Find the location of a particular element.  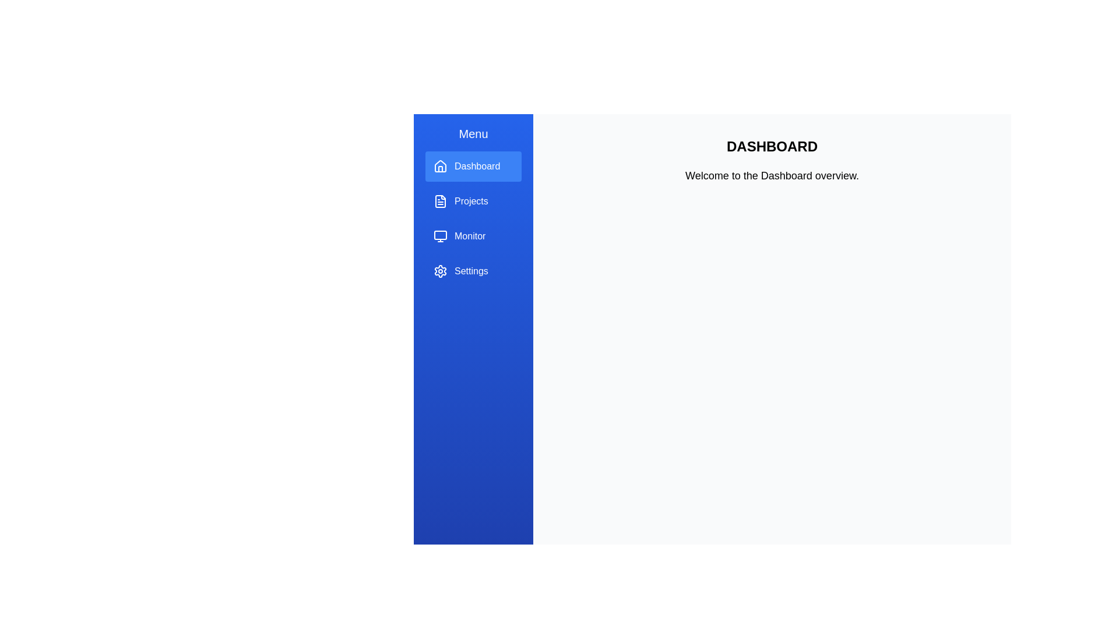

the 'Dashboard' icon in the left navigation panel is located at coordinates (439, 166).